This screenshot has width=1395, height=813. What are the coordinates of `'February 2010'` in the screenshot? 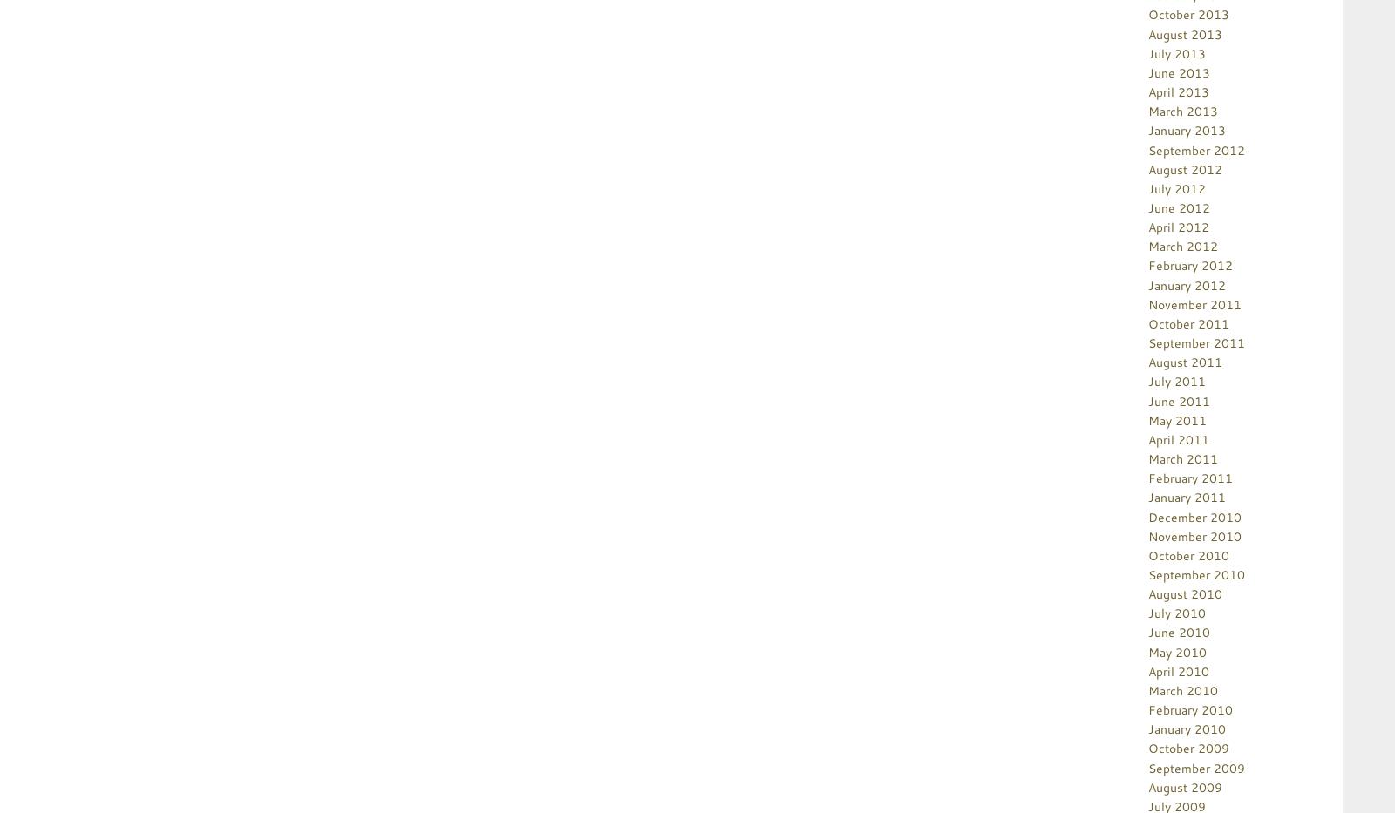 It's located at (1189, 709).